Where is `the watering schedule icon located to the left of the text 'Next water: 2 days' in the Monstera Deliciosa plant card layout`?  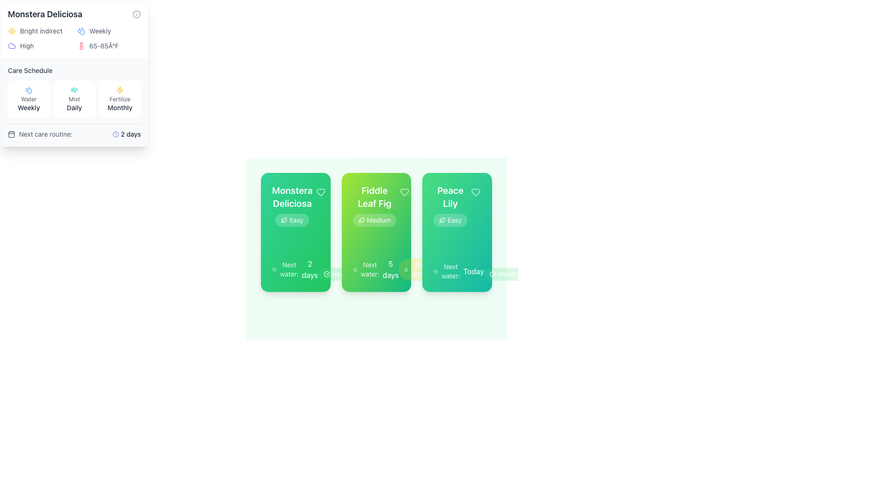 the watering schedule icon located to the left of the text 'Next water: 2 days' in the Monstera Deliciosa plant card layout is located at coordinates (274, 269).